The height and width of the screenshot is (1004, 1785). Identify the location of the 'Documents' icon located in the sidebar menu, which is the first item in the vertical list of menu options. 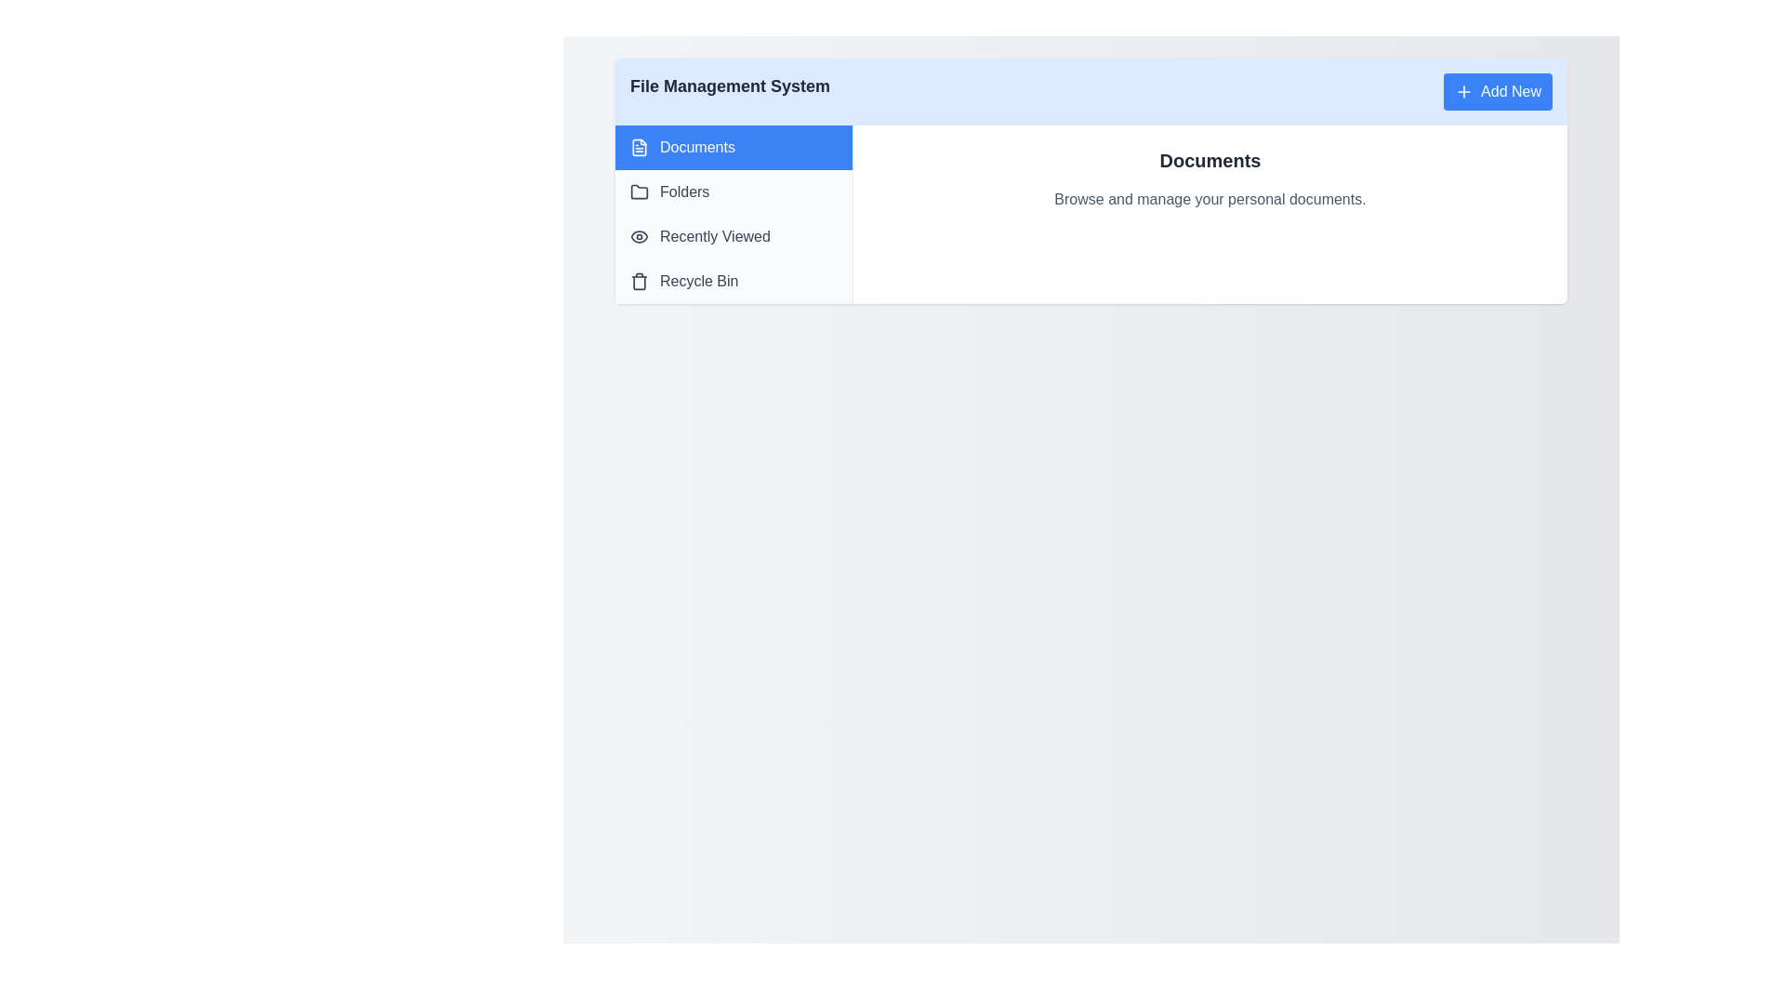
(639, 146).